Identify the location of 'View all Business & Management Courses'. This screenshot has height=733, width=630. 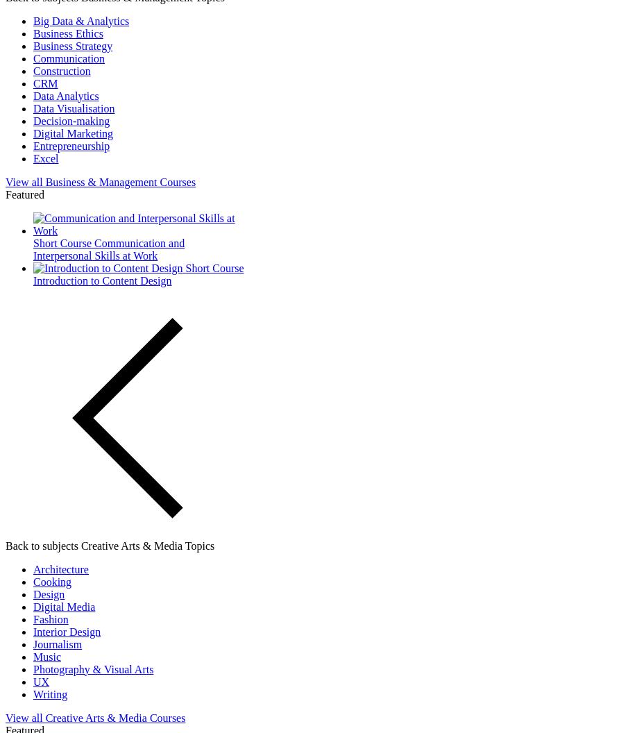
(4, 180).